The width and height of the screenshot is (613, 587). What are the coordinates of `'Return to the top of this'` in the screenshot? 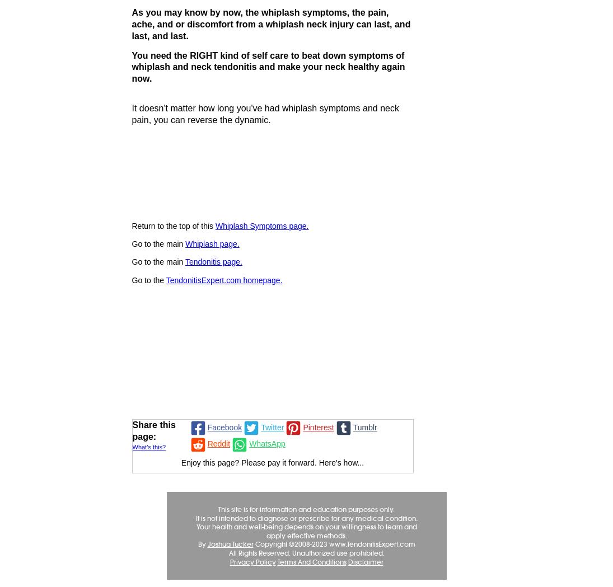 It's located at (131, 226).